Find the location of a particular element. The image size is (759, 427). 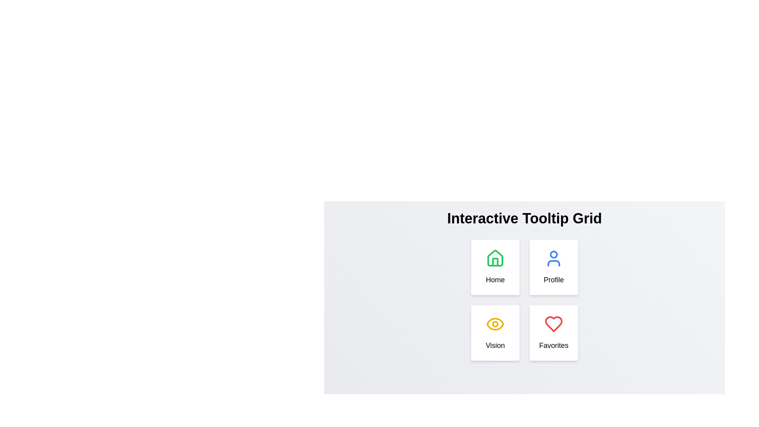

the 'Profile' card in the upper-right of the grid layout is located at coordinates (553, 267).